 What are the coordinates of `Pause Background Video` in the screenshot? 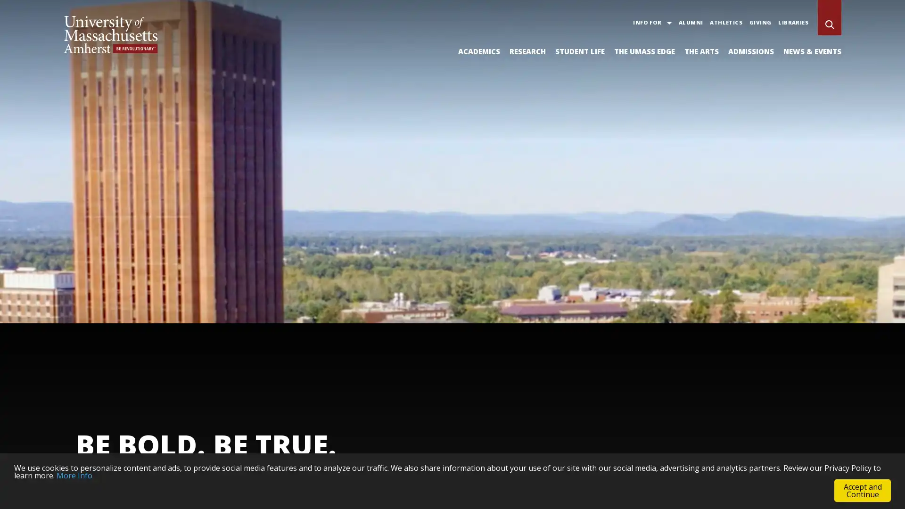 It's located at (878, 482).